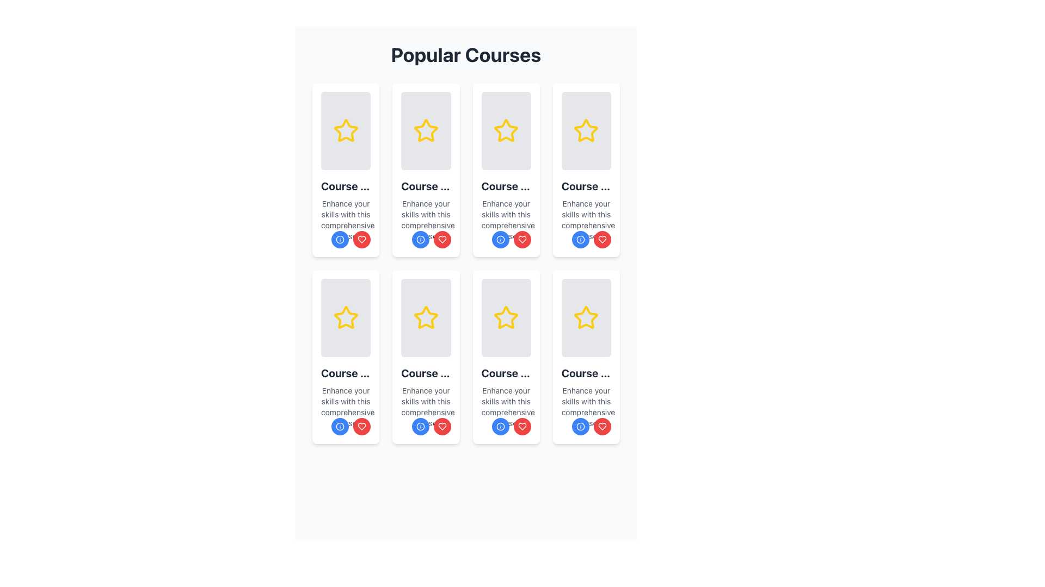 The image size is (1045, 587). What do you see at coordinates (442, 239) in the screenshot?
I see `the Icon Button located at the bottom-right of the course card` at bounding box center [442, 239].